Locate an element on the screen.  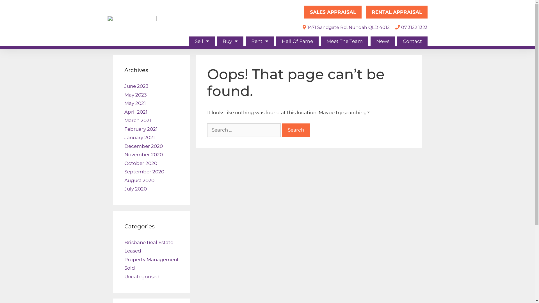
'November 2020' is located at coordinates (124, 155).